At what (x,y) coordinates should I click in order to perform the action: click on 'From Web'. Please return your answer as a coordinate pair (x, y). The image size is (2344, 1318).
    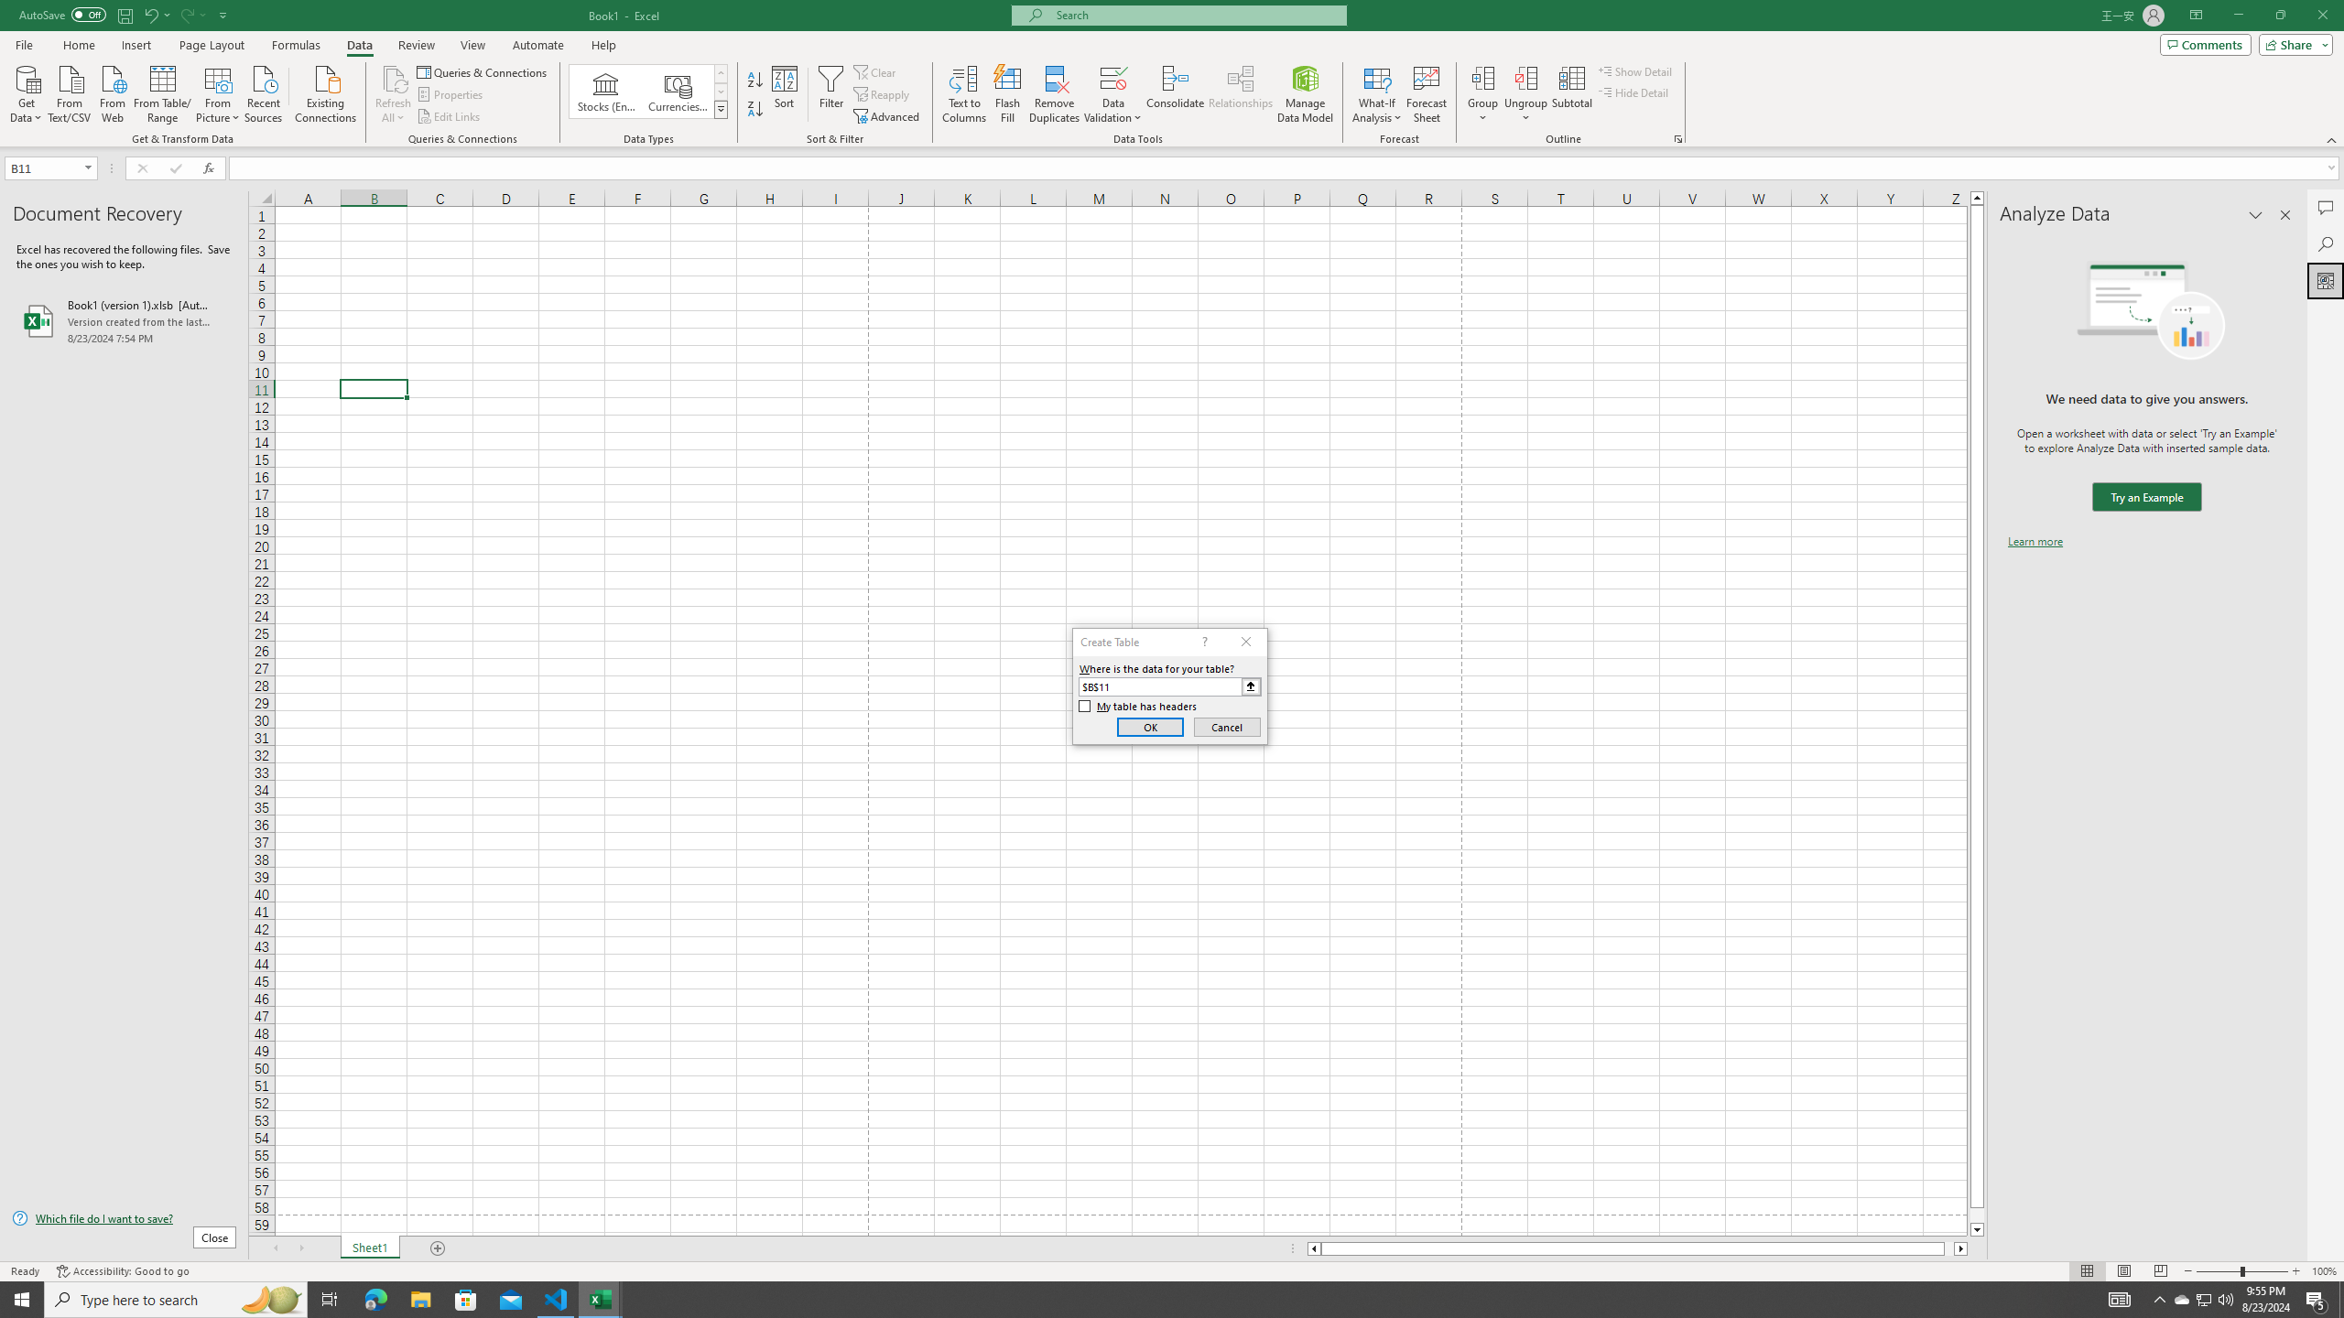
    Looking at the image, I should click on (112, 92).